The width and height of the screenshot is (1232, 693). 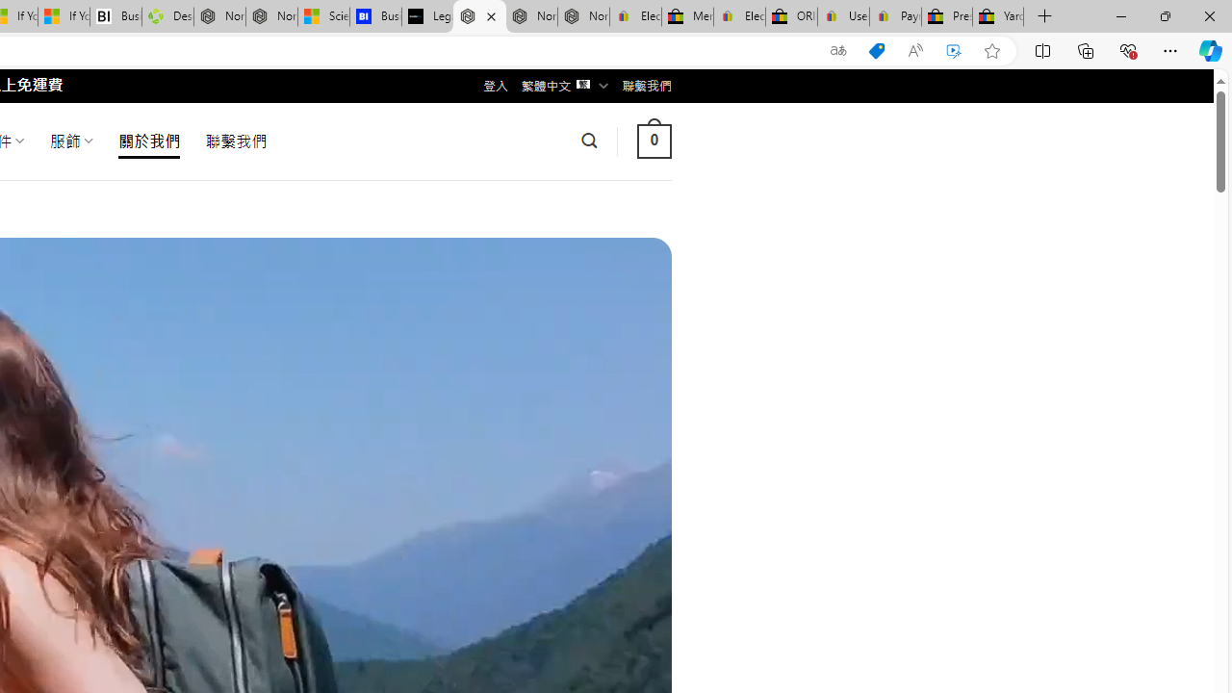 I want to click on ' 0 ', so click(x=654, y=140).